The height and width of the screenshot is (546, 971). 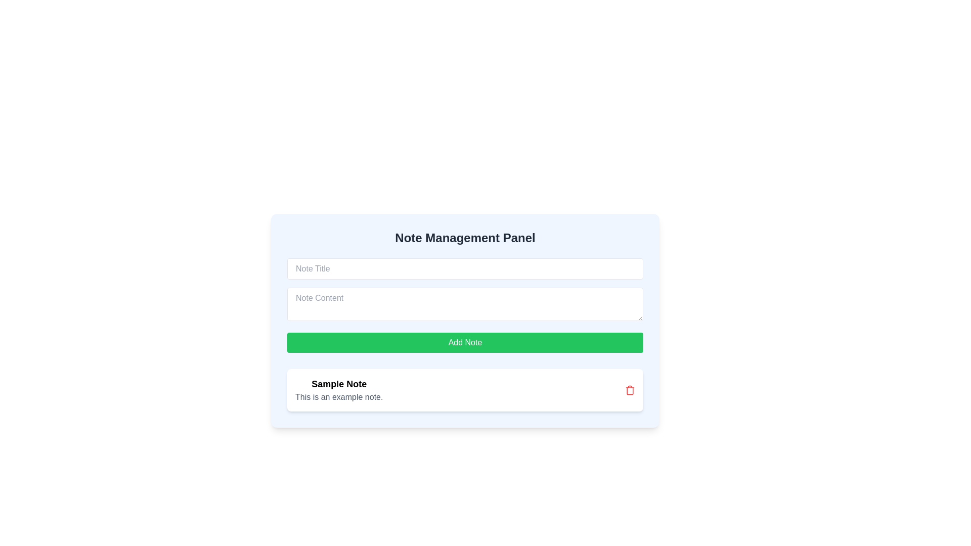 I want to click on the text content displaying the title and content of a note in the note-taking application, so click(x=339, y=389).